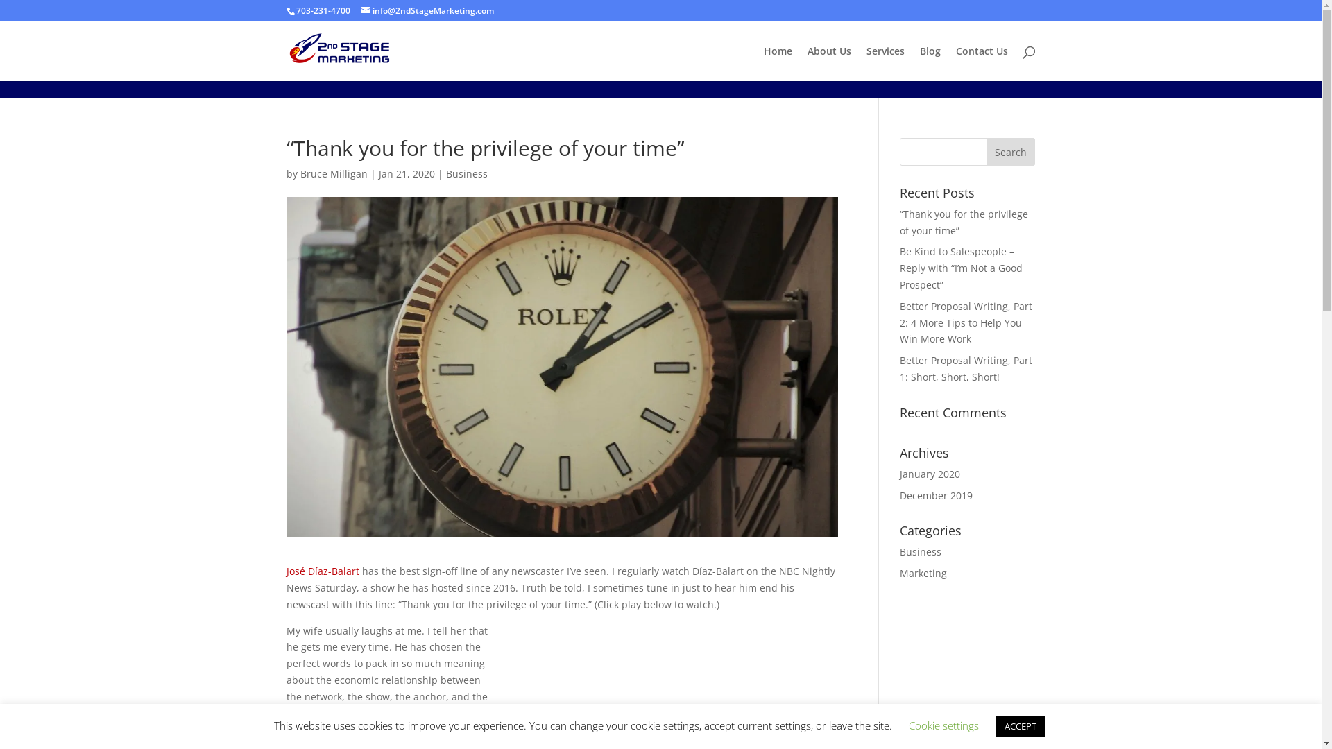  I want to click on 'Home', so click(777, 64).